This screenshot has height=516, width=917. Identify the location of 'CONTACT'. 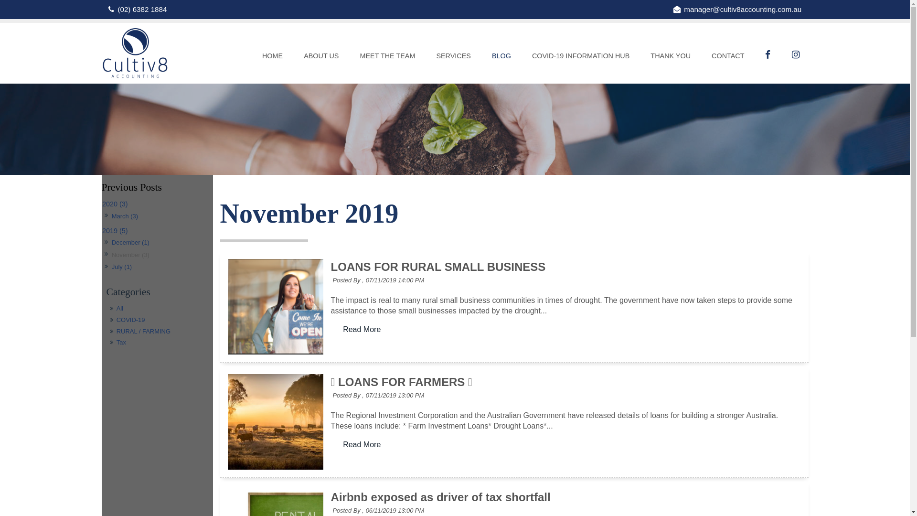
(727, 57).